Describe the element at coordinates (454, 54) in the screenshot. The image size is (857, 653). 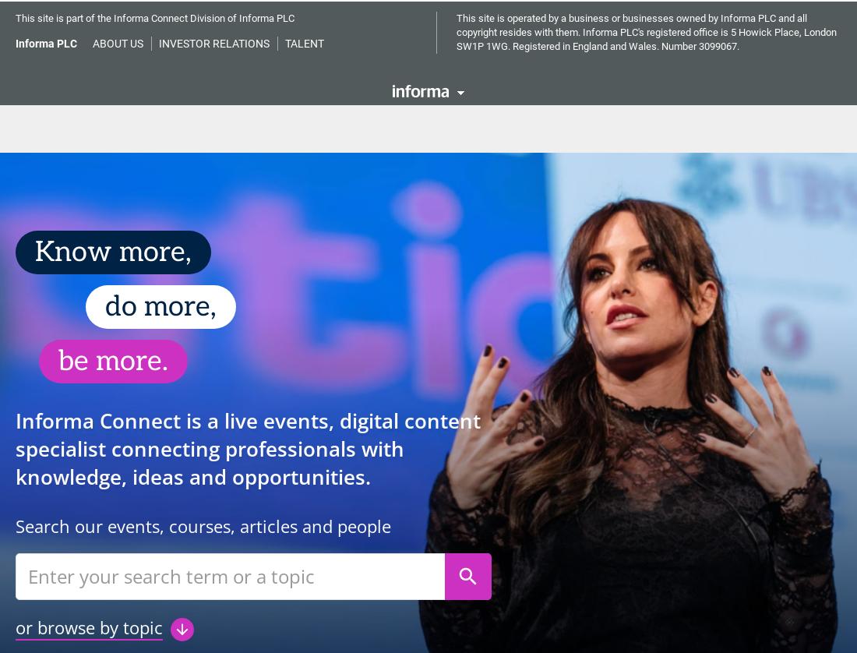
I see `'and'` at that location.